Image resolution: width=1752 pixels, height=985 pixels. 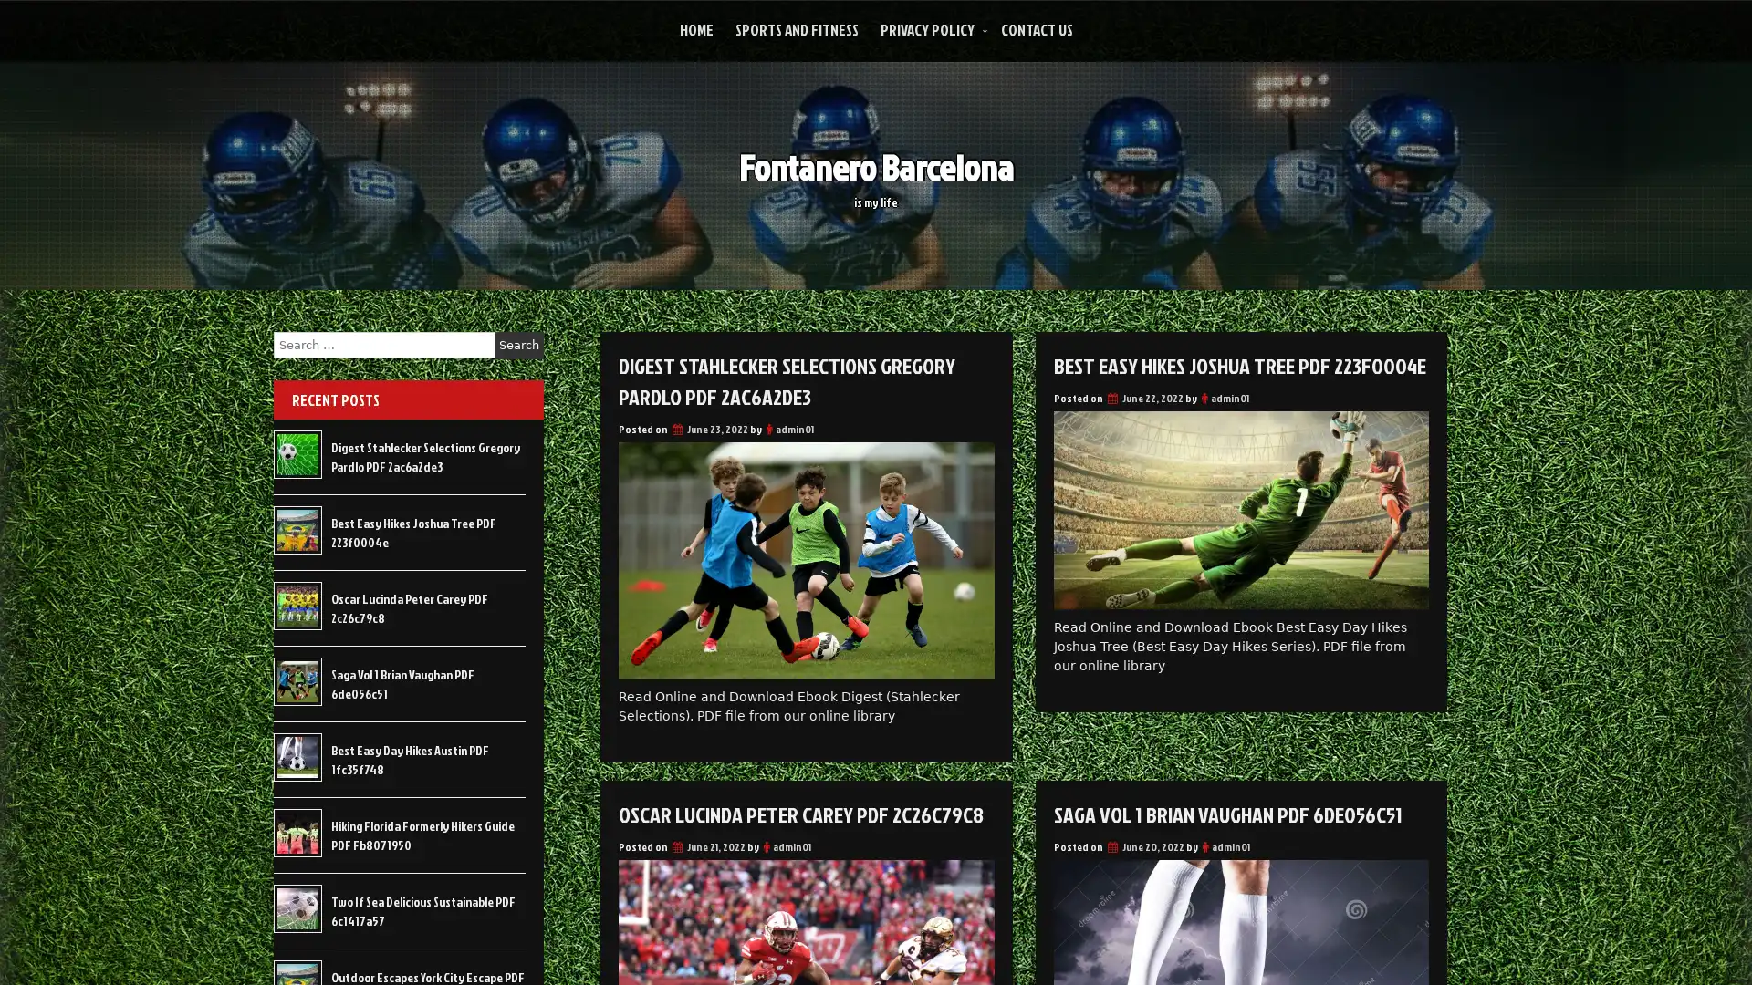 I want to click on Search, so click(x=518, y=345).